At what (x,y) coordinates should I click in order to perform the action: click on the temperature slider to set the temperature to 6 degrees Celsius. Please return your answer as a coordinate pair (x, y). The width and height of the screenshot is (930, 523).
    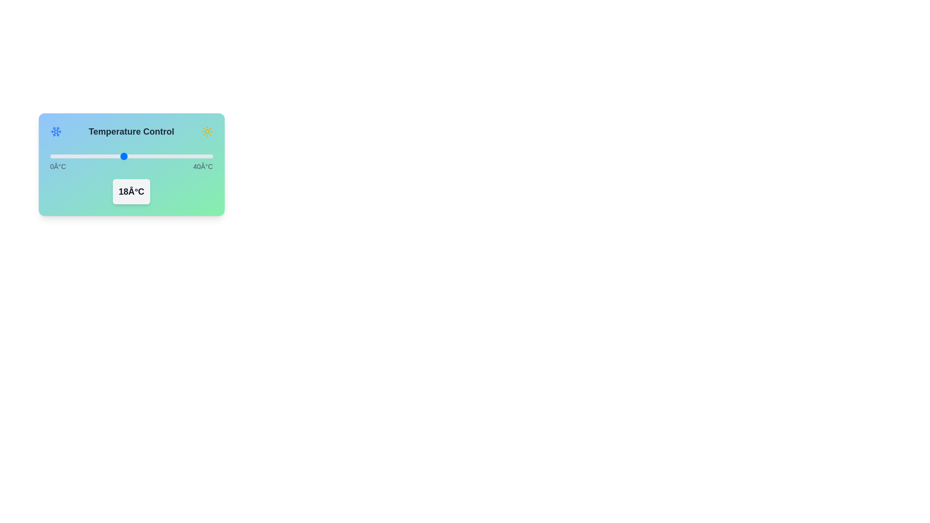
    Looking at the image, I should click on (74, 156).